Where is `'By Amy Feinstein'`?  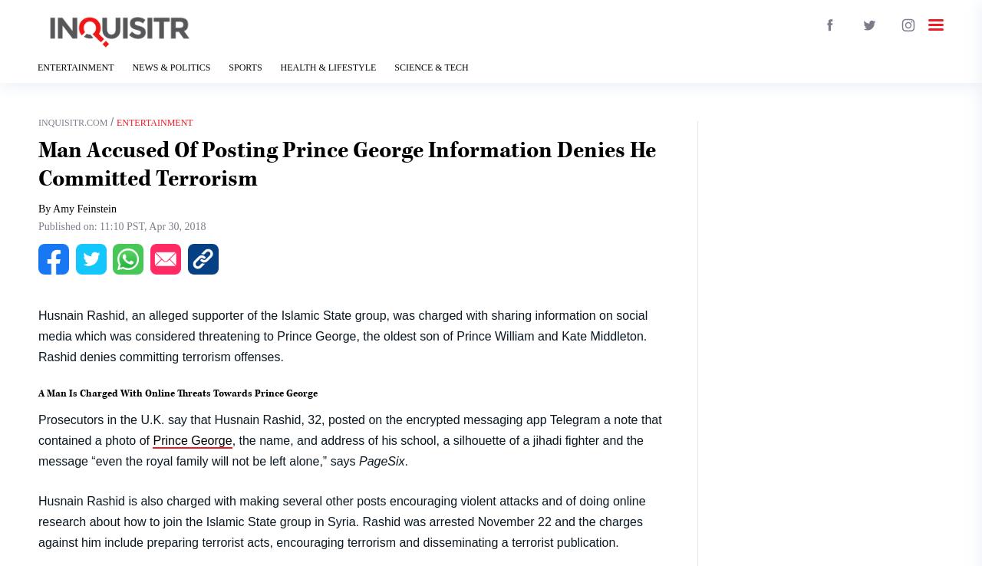
'By Amy Feinstein' is located at coordinates (76, 209).